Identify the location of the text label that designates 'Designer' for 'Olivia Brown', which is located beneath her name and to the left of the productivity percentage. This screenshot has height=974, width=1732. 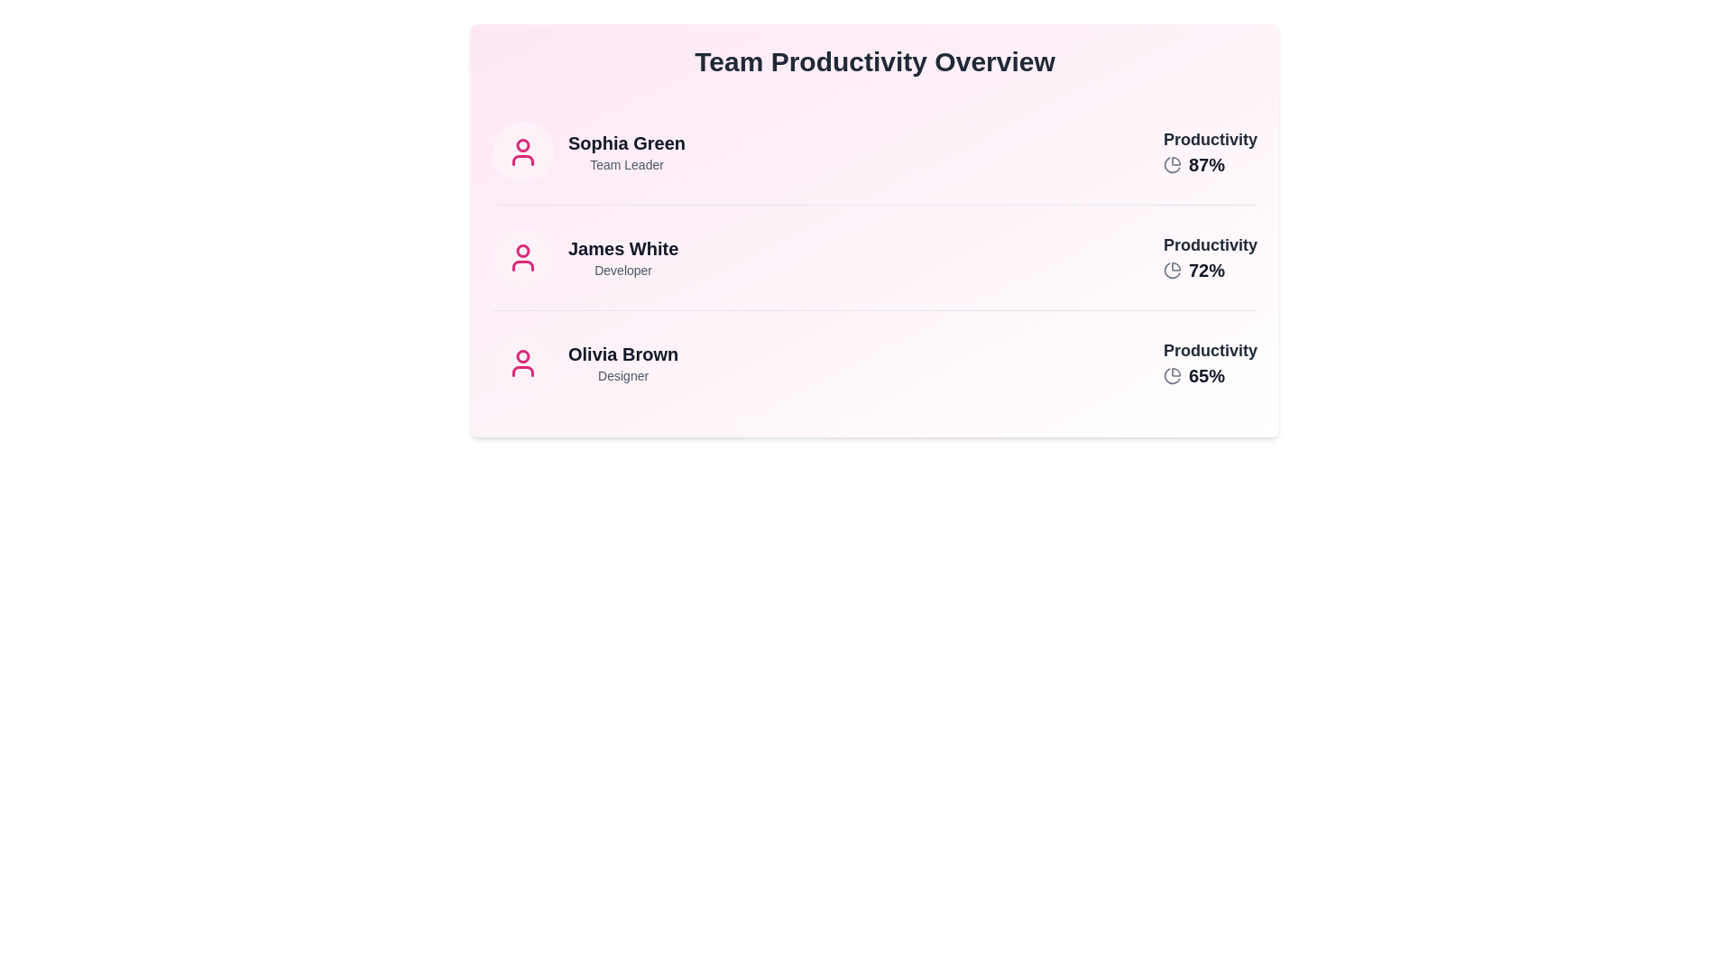
(623, 374).